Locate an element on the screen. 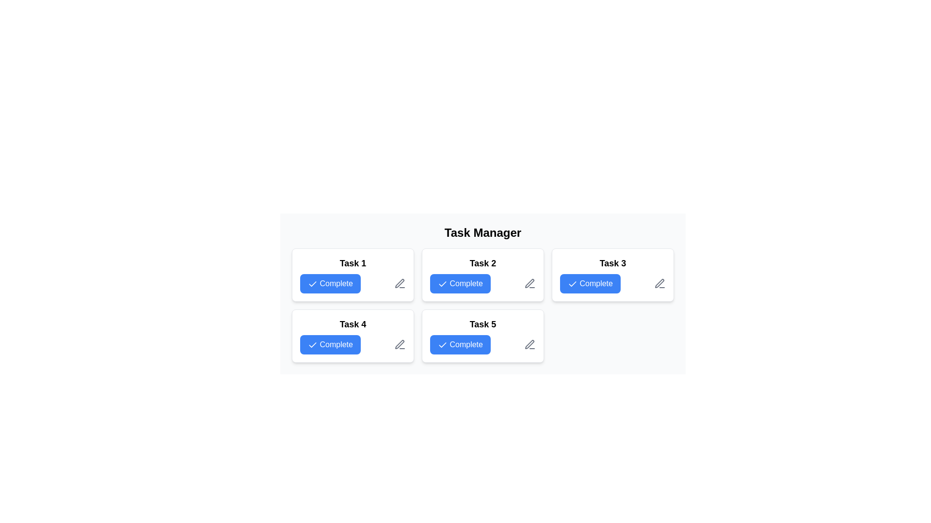 Image resolution: width=931 pixels, height=523 pixels. the 'Complete' button with rounded corners and blue background located in the upper-left corner of the Task Manager interface within the 'Task 1' card is located at coordinates (330, 283).